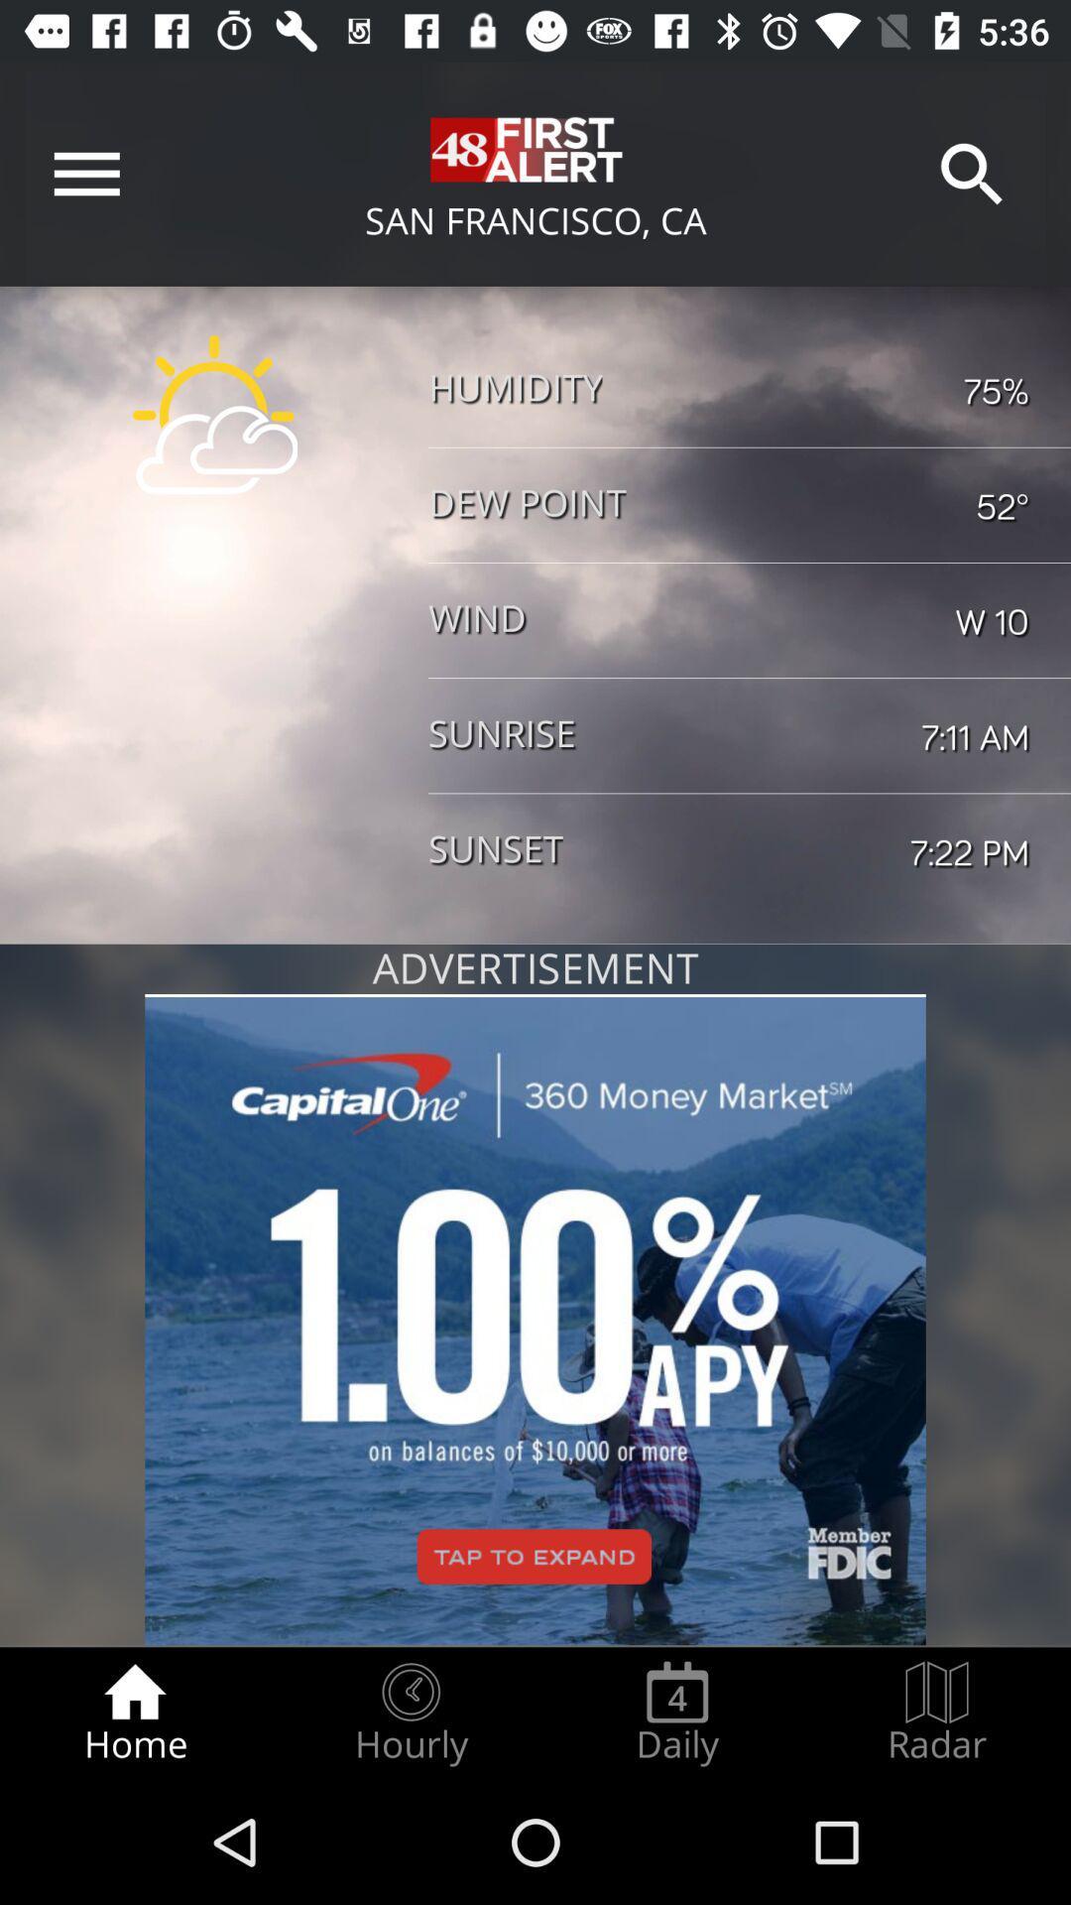 The image size is (1071, 1905). I want to click on radio button at the bottom right corner, so click(937, 1713).